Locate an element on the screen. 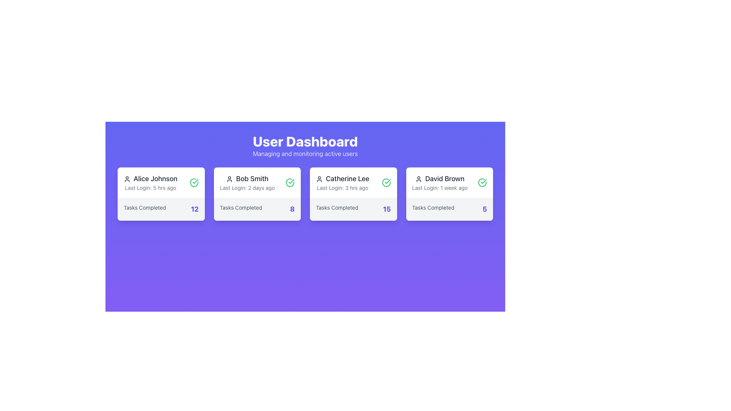 Image resolution: width=731 pixels, height=411 pixels. text label identifying the user within the fourth card under the 'User Dashboard' title is located at coordinates (440, 179).